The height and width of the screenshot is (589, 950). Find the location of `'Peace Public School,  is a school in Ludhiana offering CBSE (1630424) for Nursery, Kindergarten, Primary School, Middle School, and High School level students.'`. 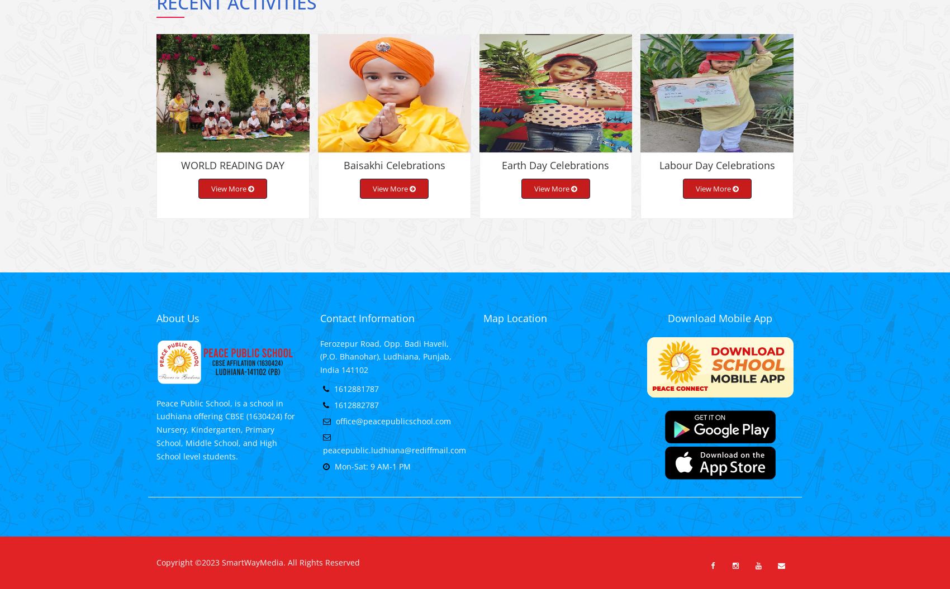

'Peace Public School,  is a school in Ludhiana offering CBSE (1630424) for Nursery, Kindergarten, Primary School, Middle School, and High School level students.' is located at coordinates (225, 438).